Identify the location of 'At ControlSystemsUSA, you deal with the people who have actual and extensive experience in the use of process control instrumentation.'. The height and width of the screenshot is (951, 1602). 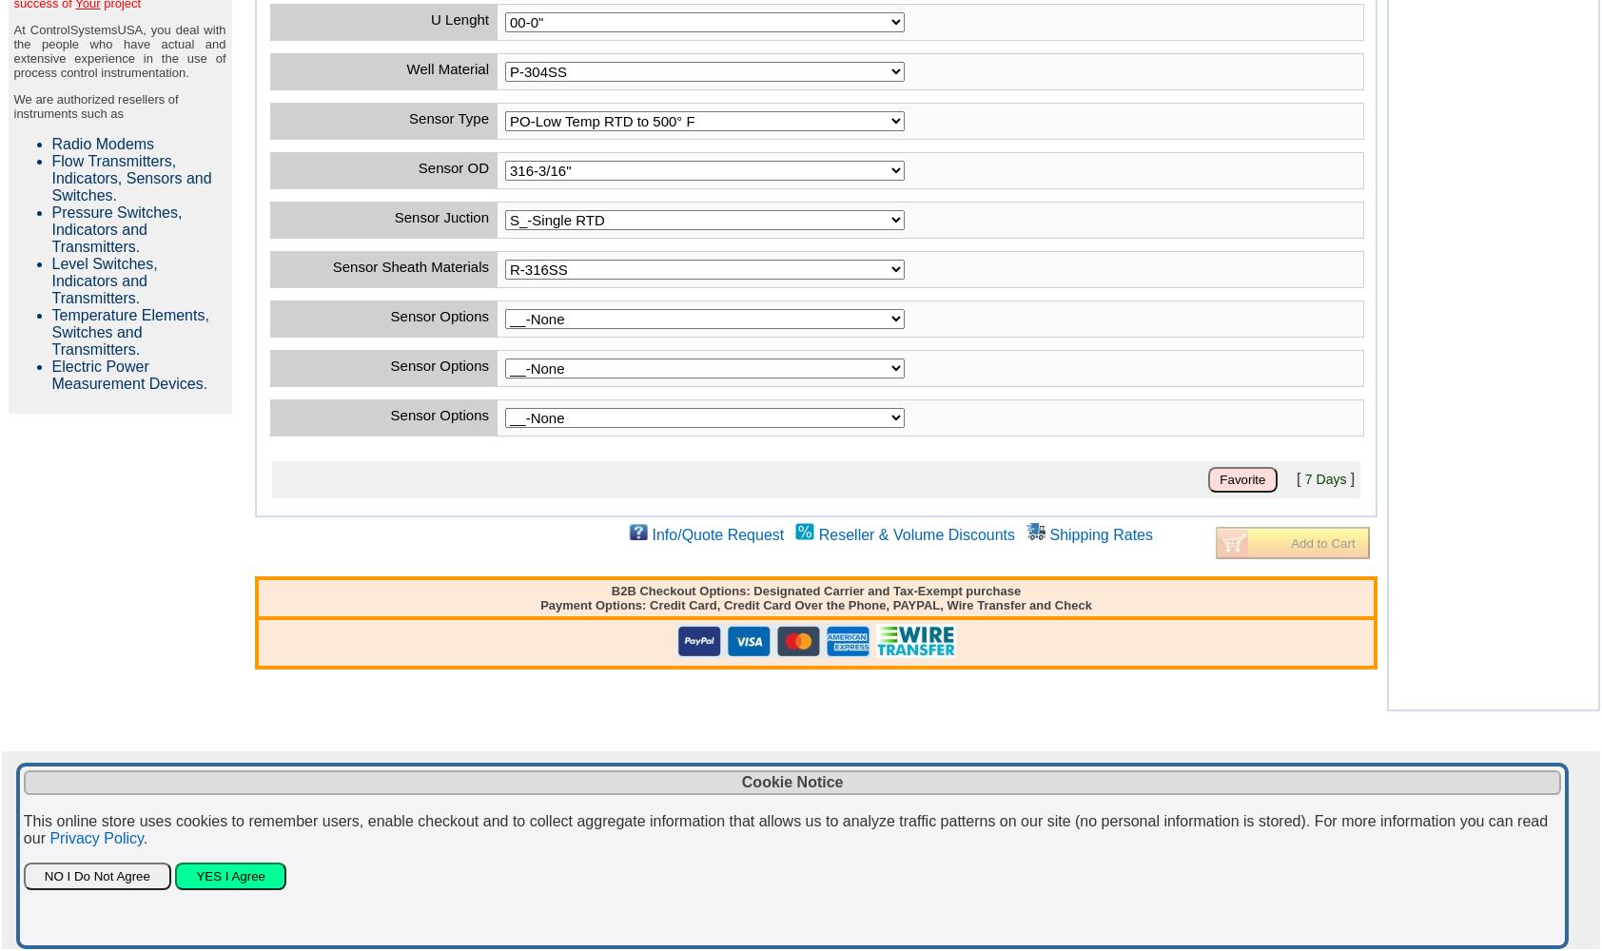
(118, 51).